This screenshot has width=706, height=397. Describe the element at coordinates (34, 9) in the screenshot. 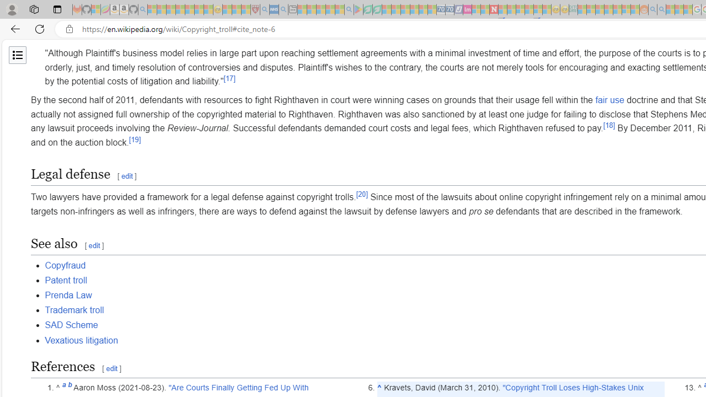

I see `'Workspaces'` at that location.